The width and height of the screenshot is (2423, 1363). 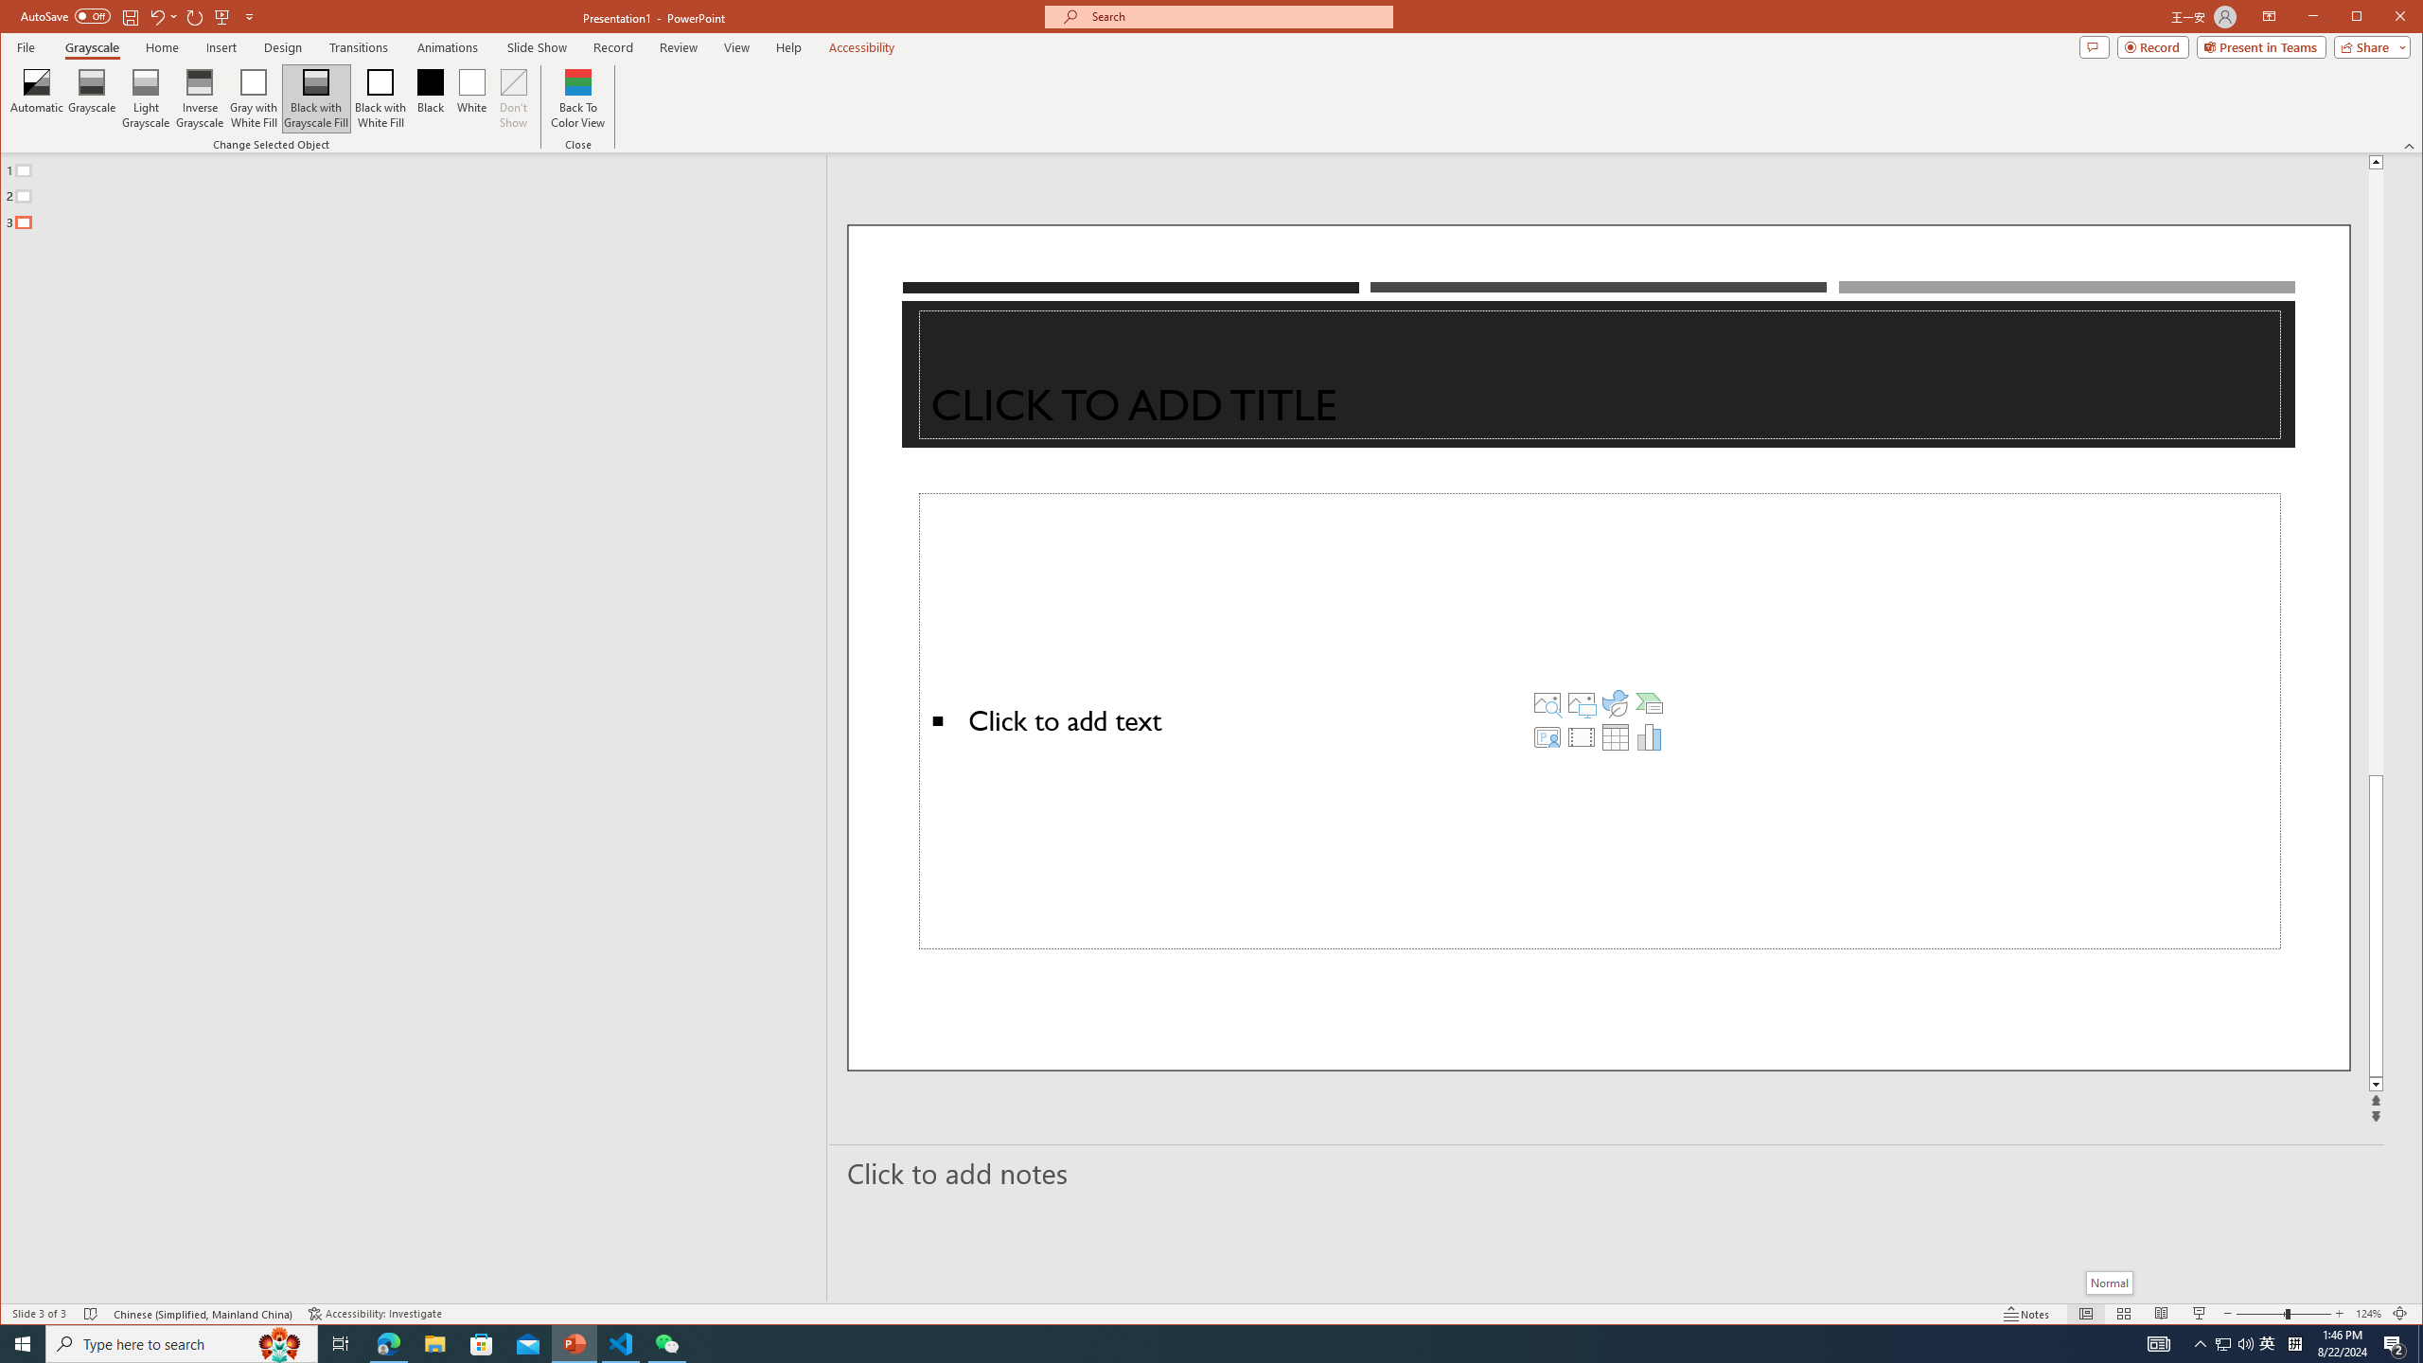 What do you see at coordinates (92, 46) in the screenshot?
I see `'Grayscale'` at bounding box center [92, 46].